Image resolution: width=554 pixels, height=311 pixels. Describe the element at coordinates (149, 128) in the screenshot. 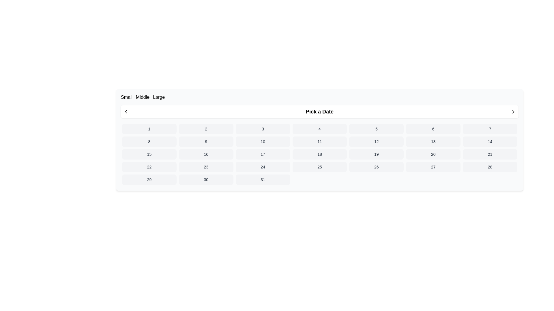

I see `the gray rounded rectangle button labeled '1' located in the top-left corner of the numeric grid` at that location.